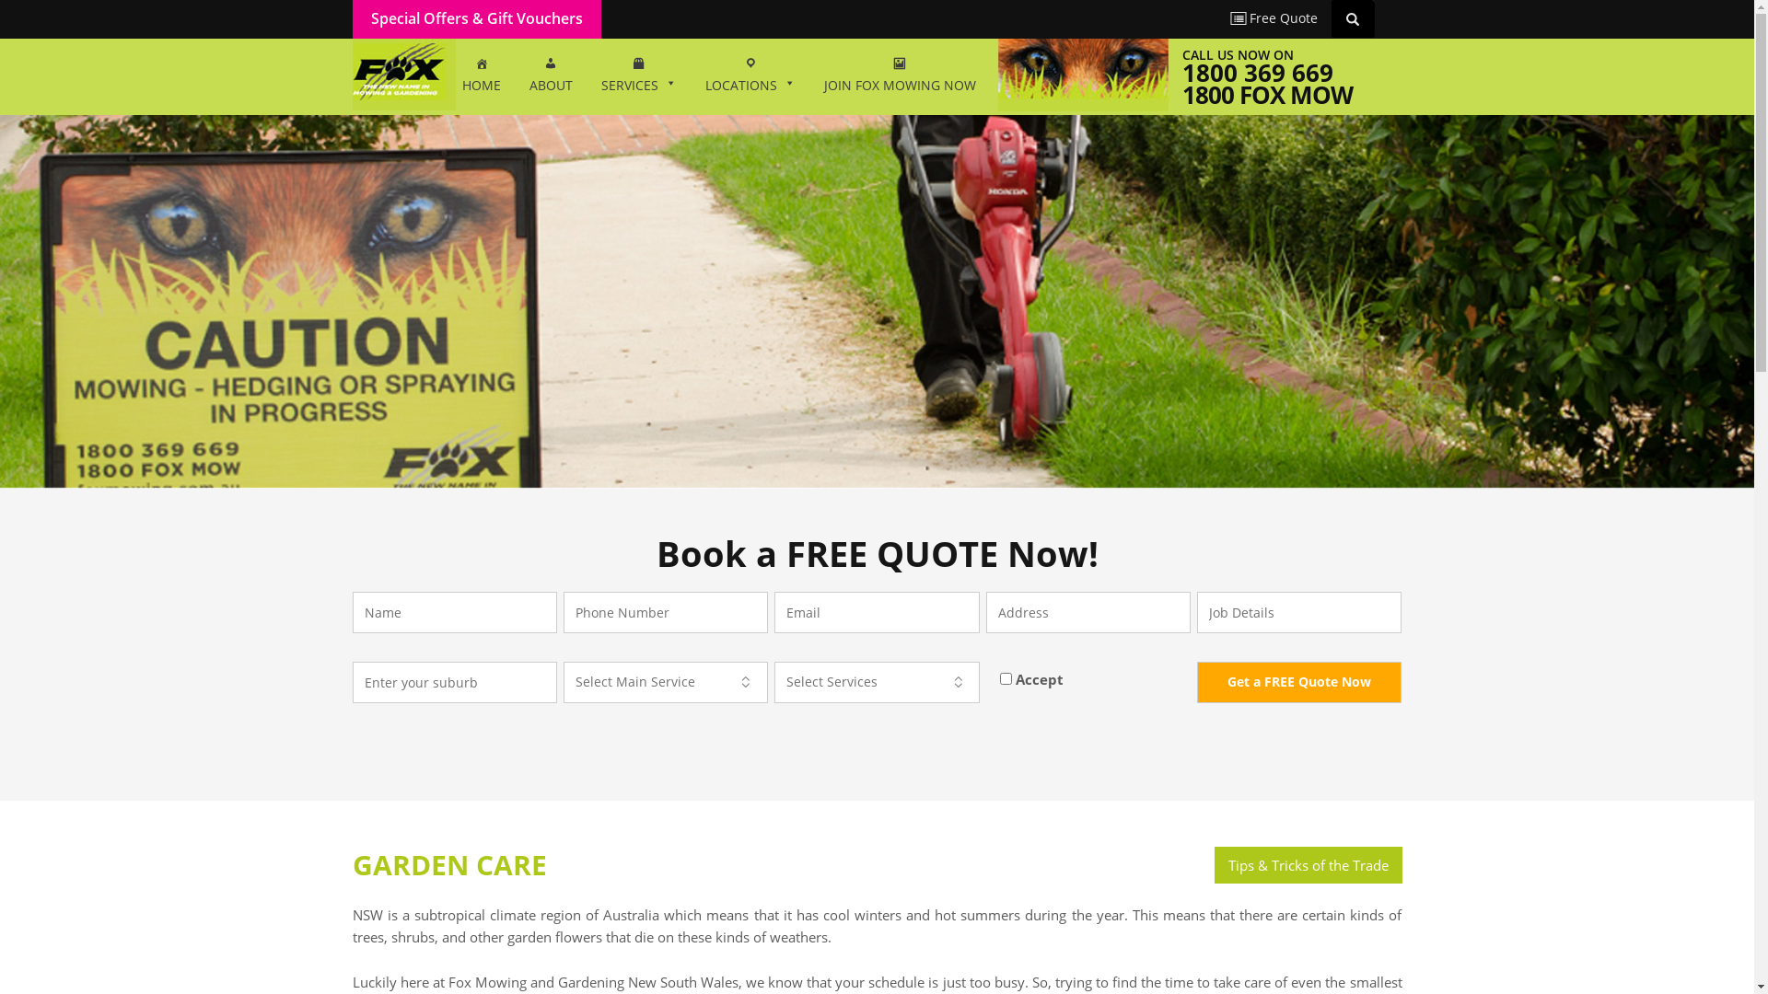  Describe the element at coordinates (1307, 865) in the screenshot. I see `'Tips & Tricks of the Trade'` at that location.